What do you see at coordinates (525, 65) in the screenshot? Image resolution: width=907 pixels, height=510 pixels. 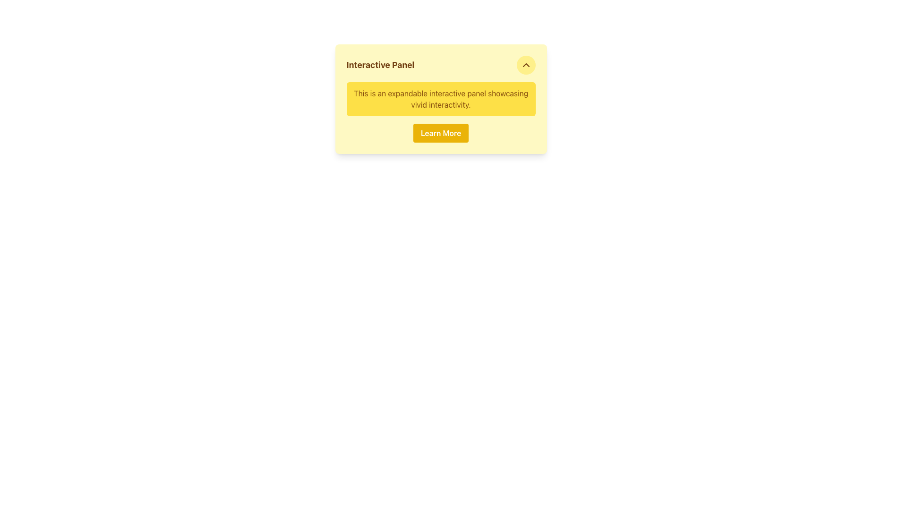 I see `the upward-pointing chevron icon within the light yellow rounded button in the top-right corner of the 'Interactive Panel'` at bounding box center [525, 65].